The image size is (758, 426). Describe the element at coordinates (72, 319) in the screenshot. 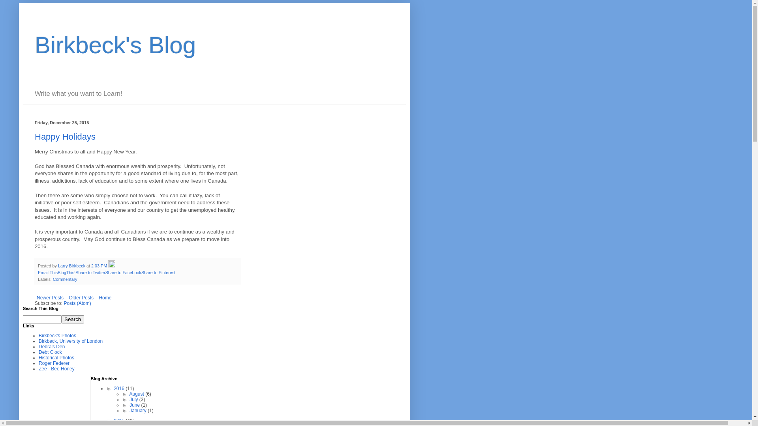

I see `'Search'` at that location.